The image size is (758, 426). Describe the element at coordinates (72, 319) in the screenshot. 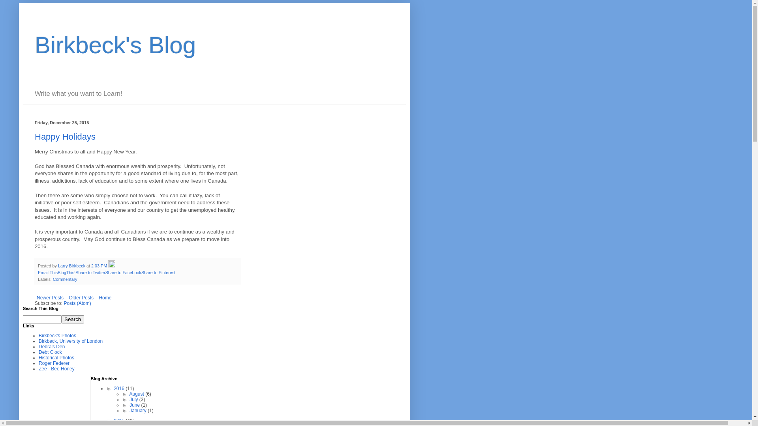

I see `'Search'` at that location.